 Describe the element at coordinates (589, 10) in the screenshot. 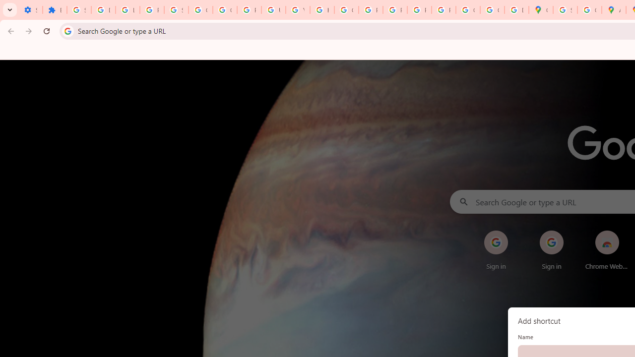

I see `'Create your Google Account'` at that location.